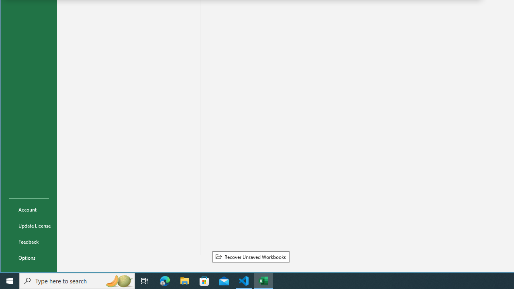  Describe the element at coordinates (144, 280) in the screenshot. I see `'Task View'` at that location.